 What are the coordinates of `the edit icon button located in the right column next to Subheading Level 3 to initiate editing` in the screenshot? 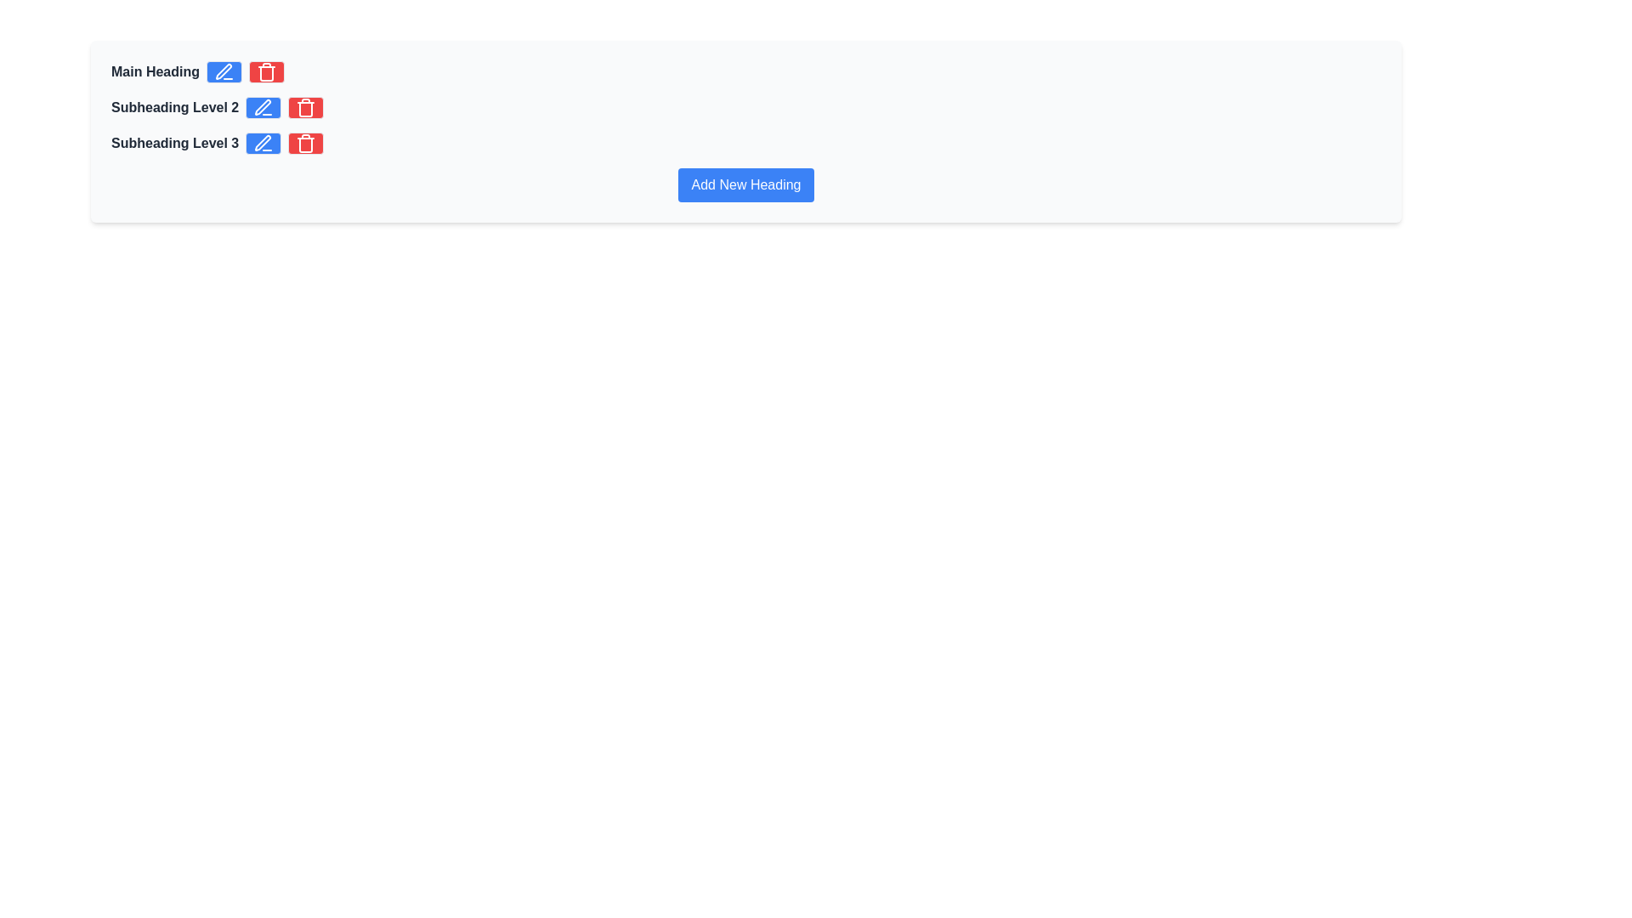 It's located at (263, 143).